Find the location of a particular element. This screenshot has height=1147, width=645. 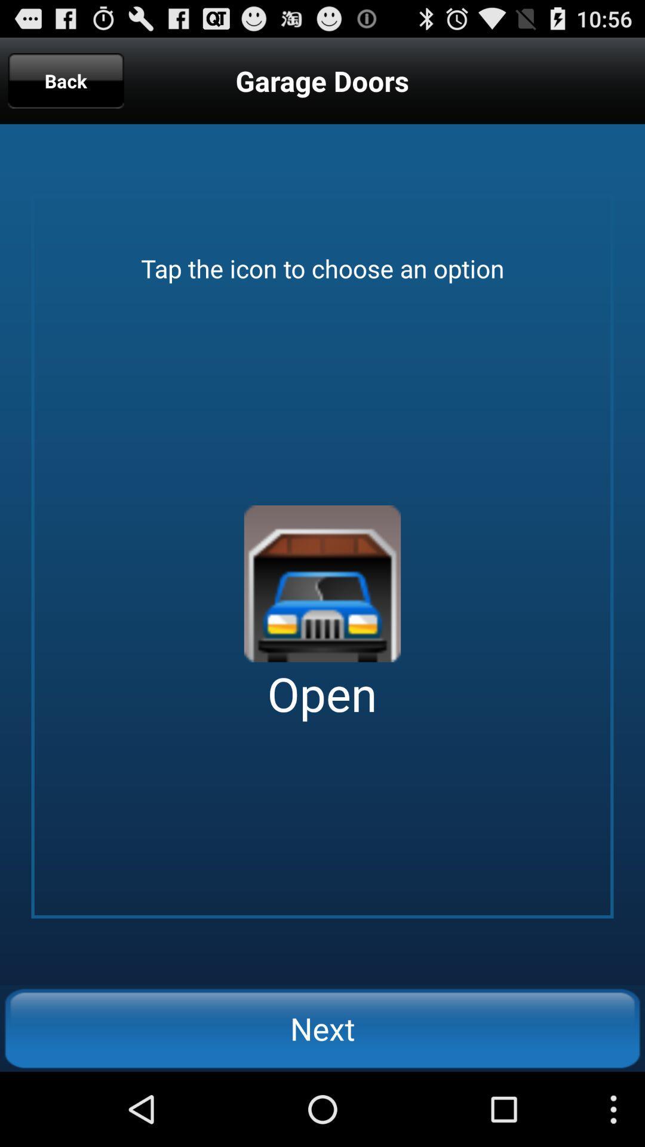

the item above the open item is located at coordinates (322, 584).